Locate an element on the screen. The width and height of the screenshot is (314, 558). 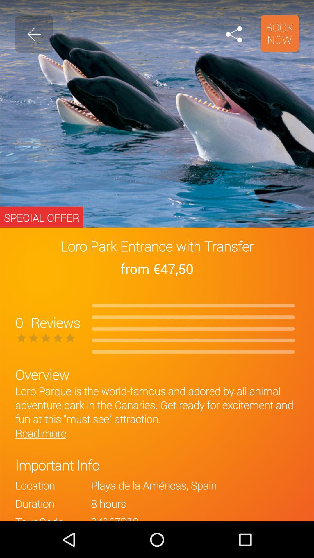
item to the left of the book now is located at coordinates (233, 34).